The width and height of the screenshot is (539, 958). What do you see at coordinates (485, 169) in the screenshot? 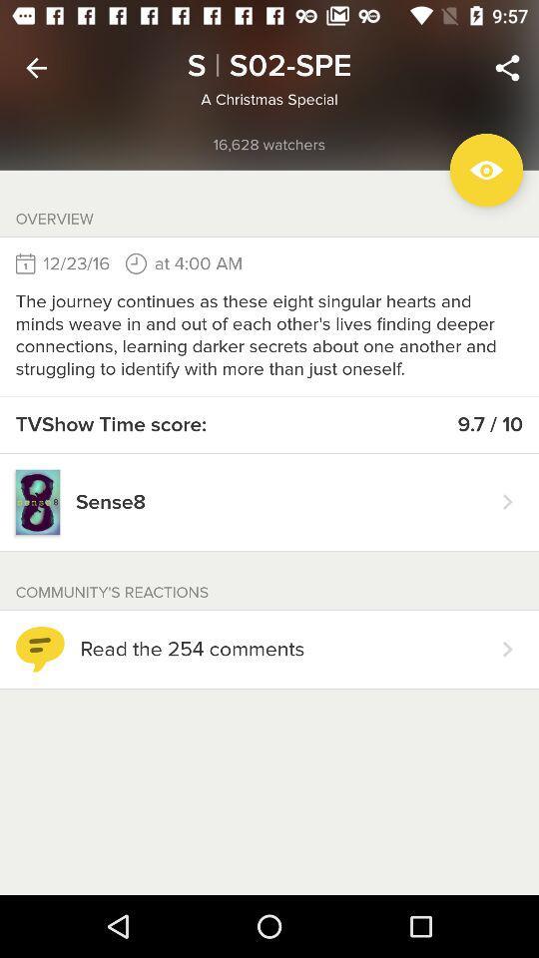
I see `the visibility icon` at bounding box center [485, 169].